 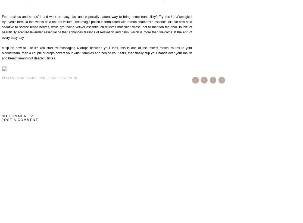 I want to click on 'Post a Comment', so click(x=20, y=119).